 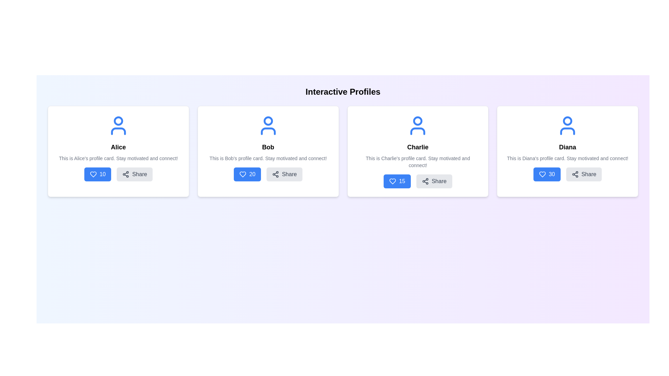 What do you see at coordinates (252, 174) in the screenshot?
I see `the static text label displaying the numeric count '20' in white font on a square blue background, which is positioned to the right of the heart icon in the second profile card titled 'Bob'` at bounding box center [252, 174].